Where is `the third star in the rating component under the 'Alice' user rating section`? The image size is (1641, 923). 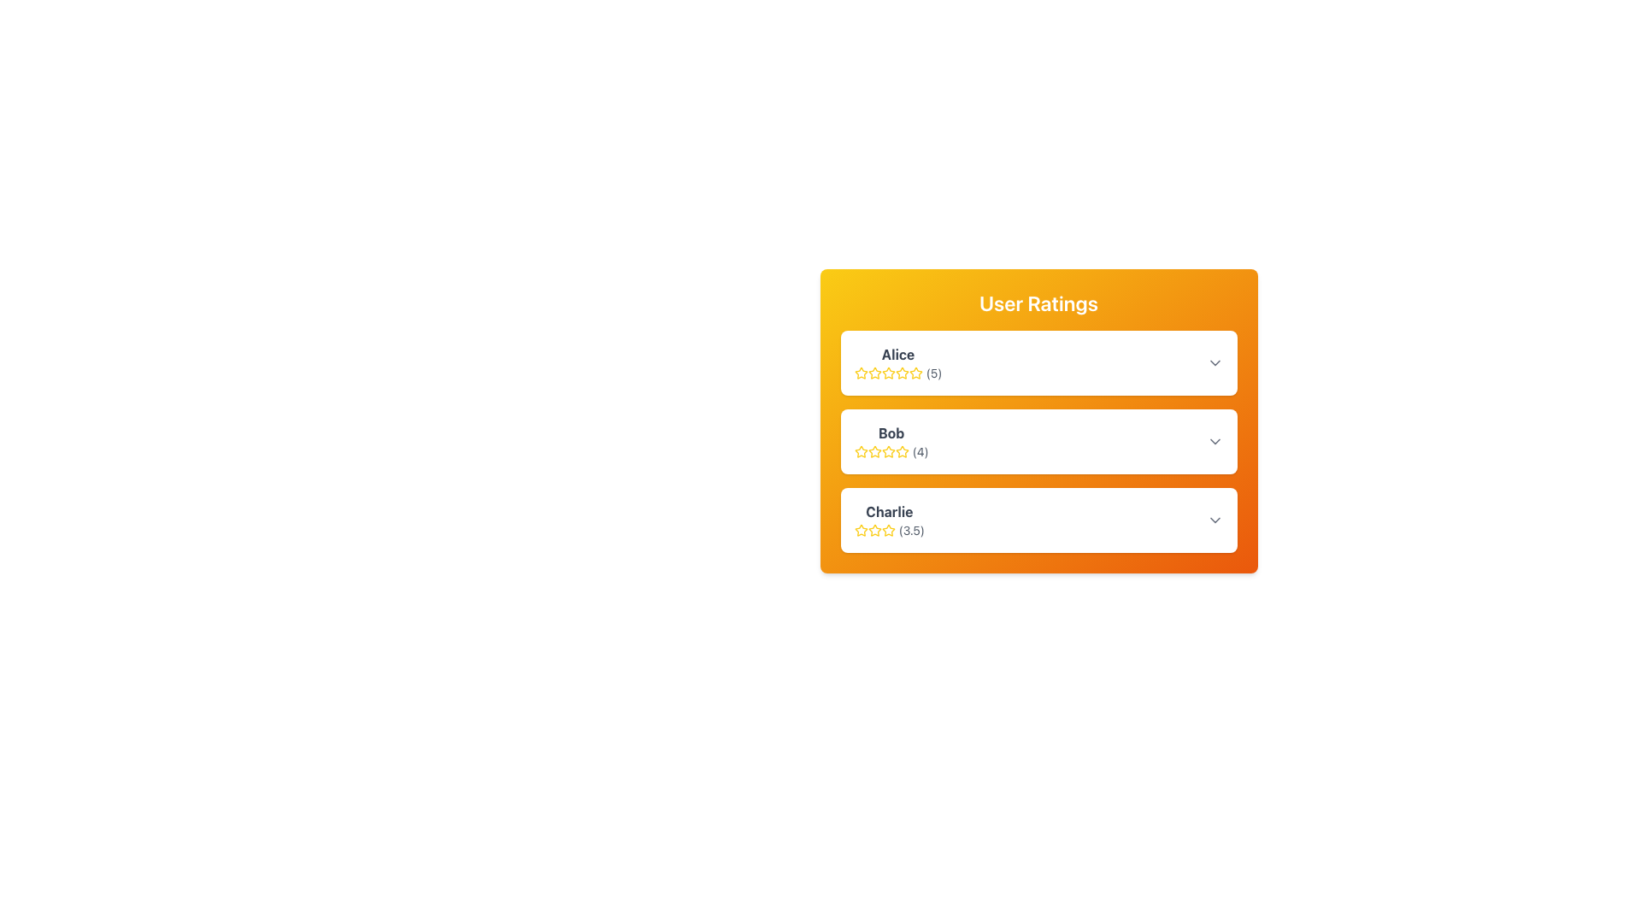
the third star in the rating component under the 'Alice' user rating section is located at coordinates (901, 372).